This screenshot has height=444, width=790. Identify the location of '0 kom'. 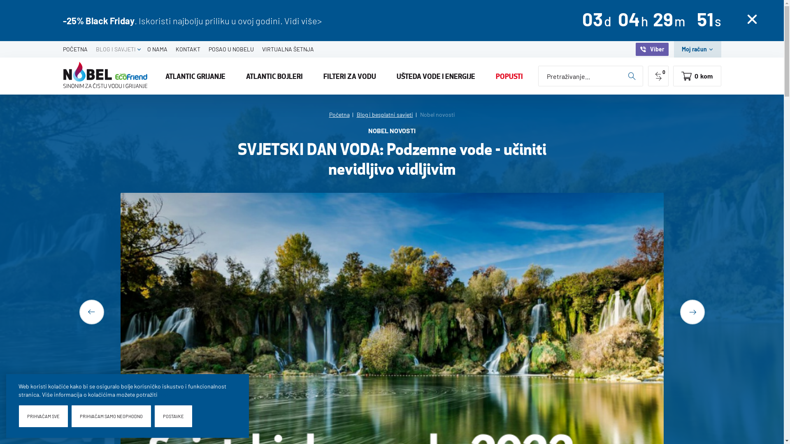
(673, 76).